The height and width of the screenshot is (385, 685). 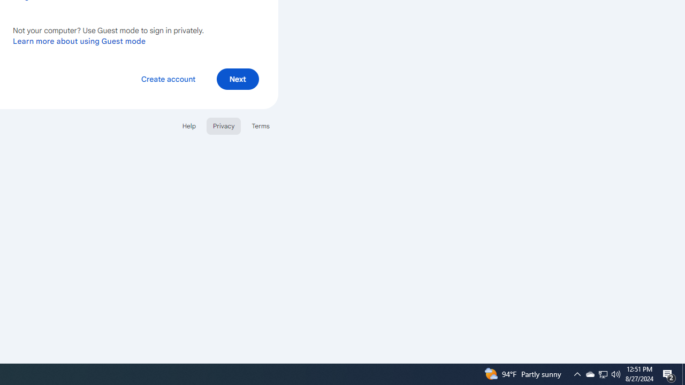 What do you see at coordinates (168, 78) in the screenshot?
I see `'Create account'` at bounding box center [168, 78].